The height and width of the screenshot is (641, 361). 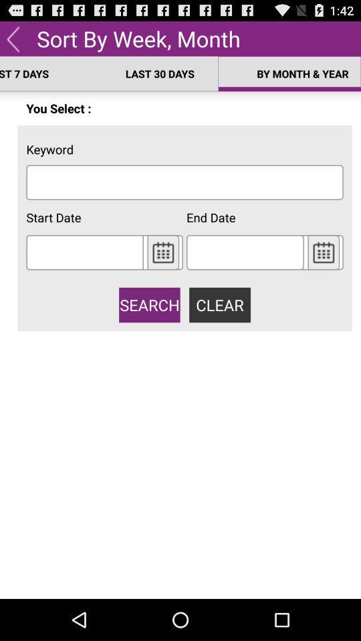 What do you see at coordinates (220, 304) in the screenshot?
I see `the icon next to the search button` at bounding box center [220, 304].